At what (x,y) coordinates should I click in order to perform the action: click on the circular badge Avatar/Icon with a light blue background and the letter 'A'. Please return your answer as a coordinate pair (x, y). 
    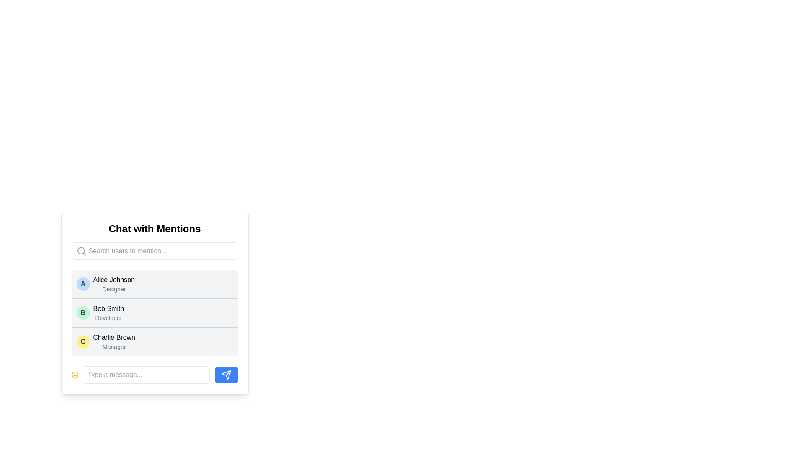
    Looking at the image, I should click on (83, 283).